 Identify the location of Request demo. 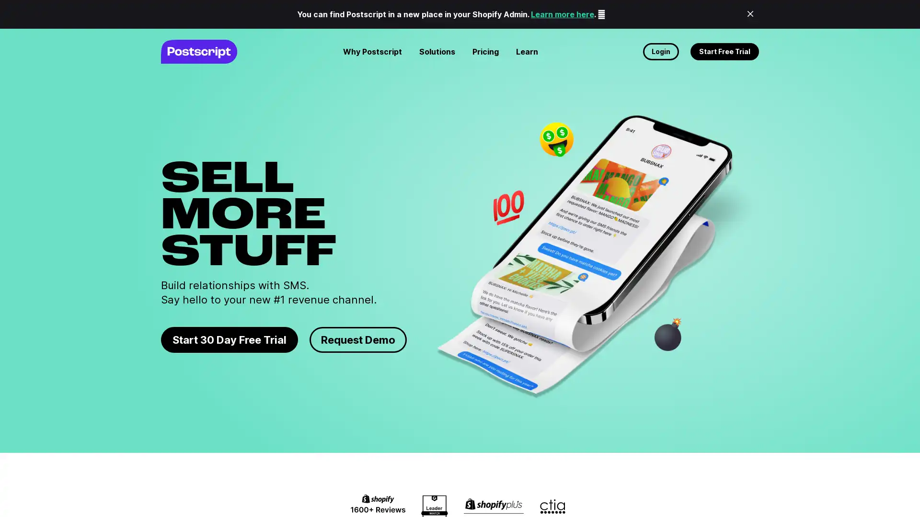
(830, 472).